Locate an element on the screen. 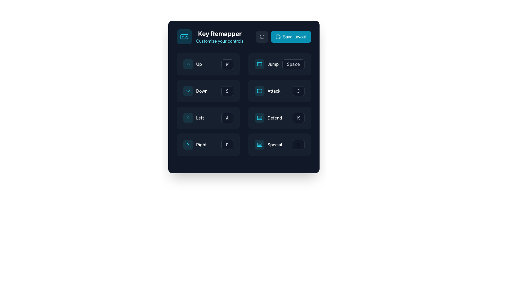 This screenshot has width=516, height=290. the 'Special' button in the bottom row of the 'Key Remapper' interface is located at coordinates (268, 144).